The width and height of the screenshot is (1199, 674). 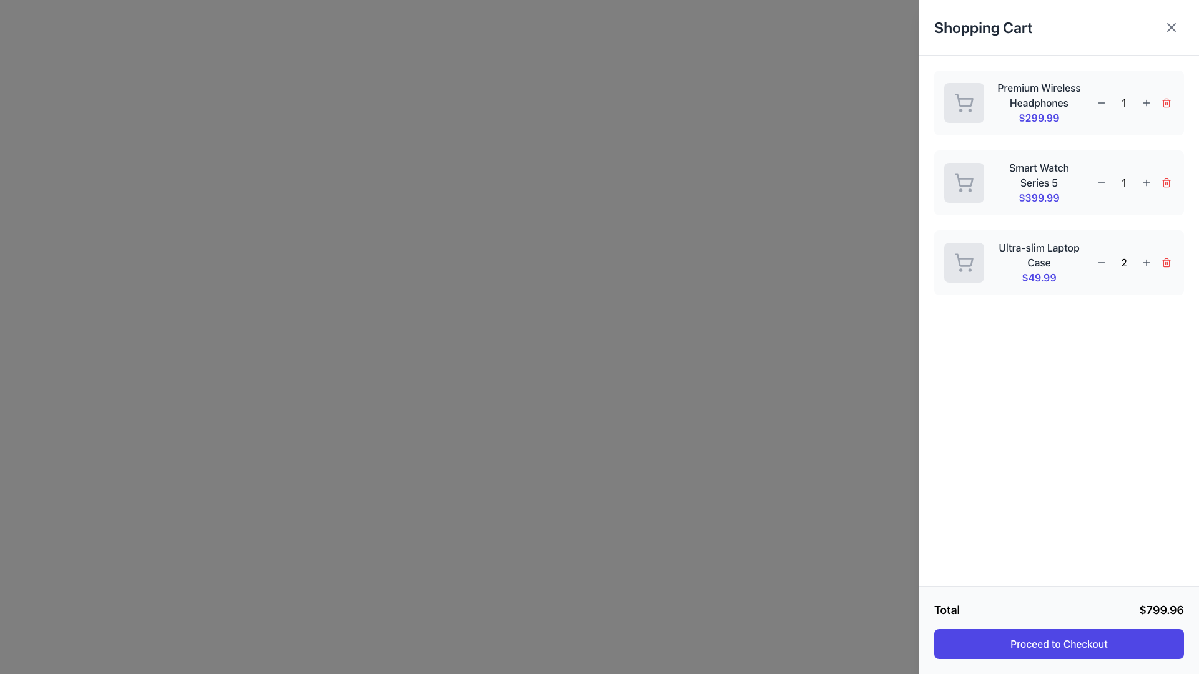 I want to click on the red trash icon for deletion located at the far right of the Ultra-slim Laptop Case item row in the shopping cart, so click(x=1165, y=262).